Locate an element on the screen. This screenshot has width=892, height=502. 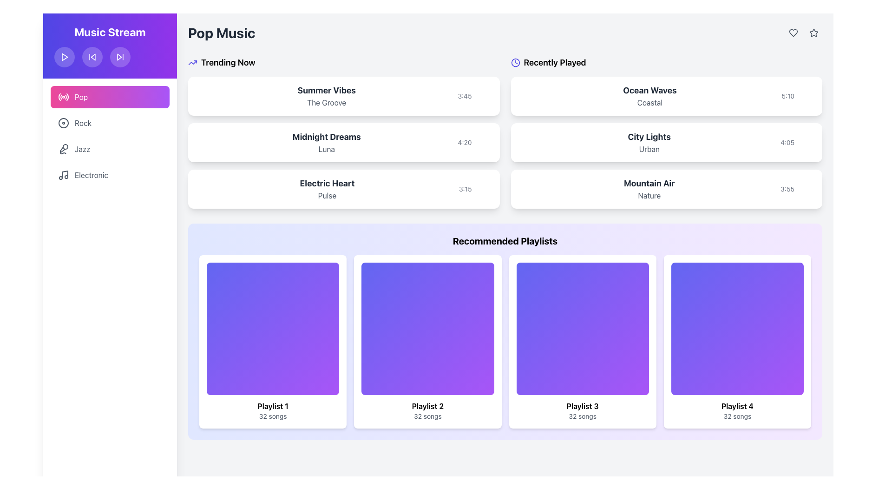
the interactive card displaying the audio track 'Ocean Waves' in the 'Recently Played' section to play or view its details is located at coordinates (666, 96).